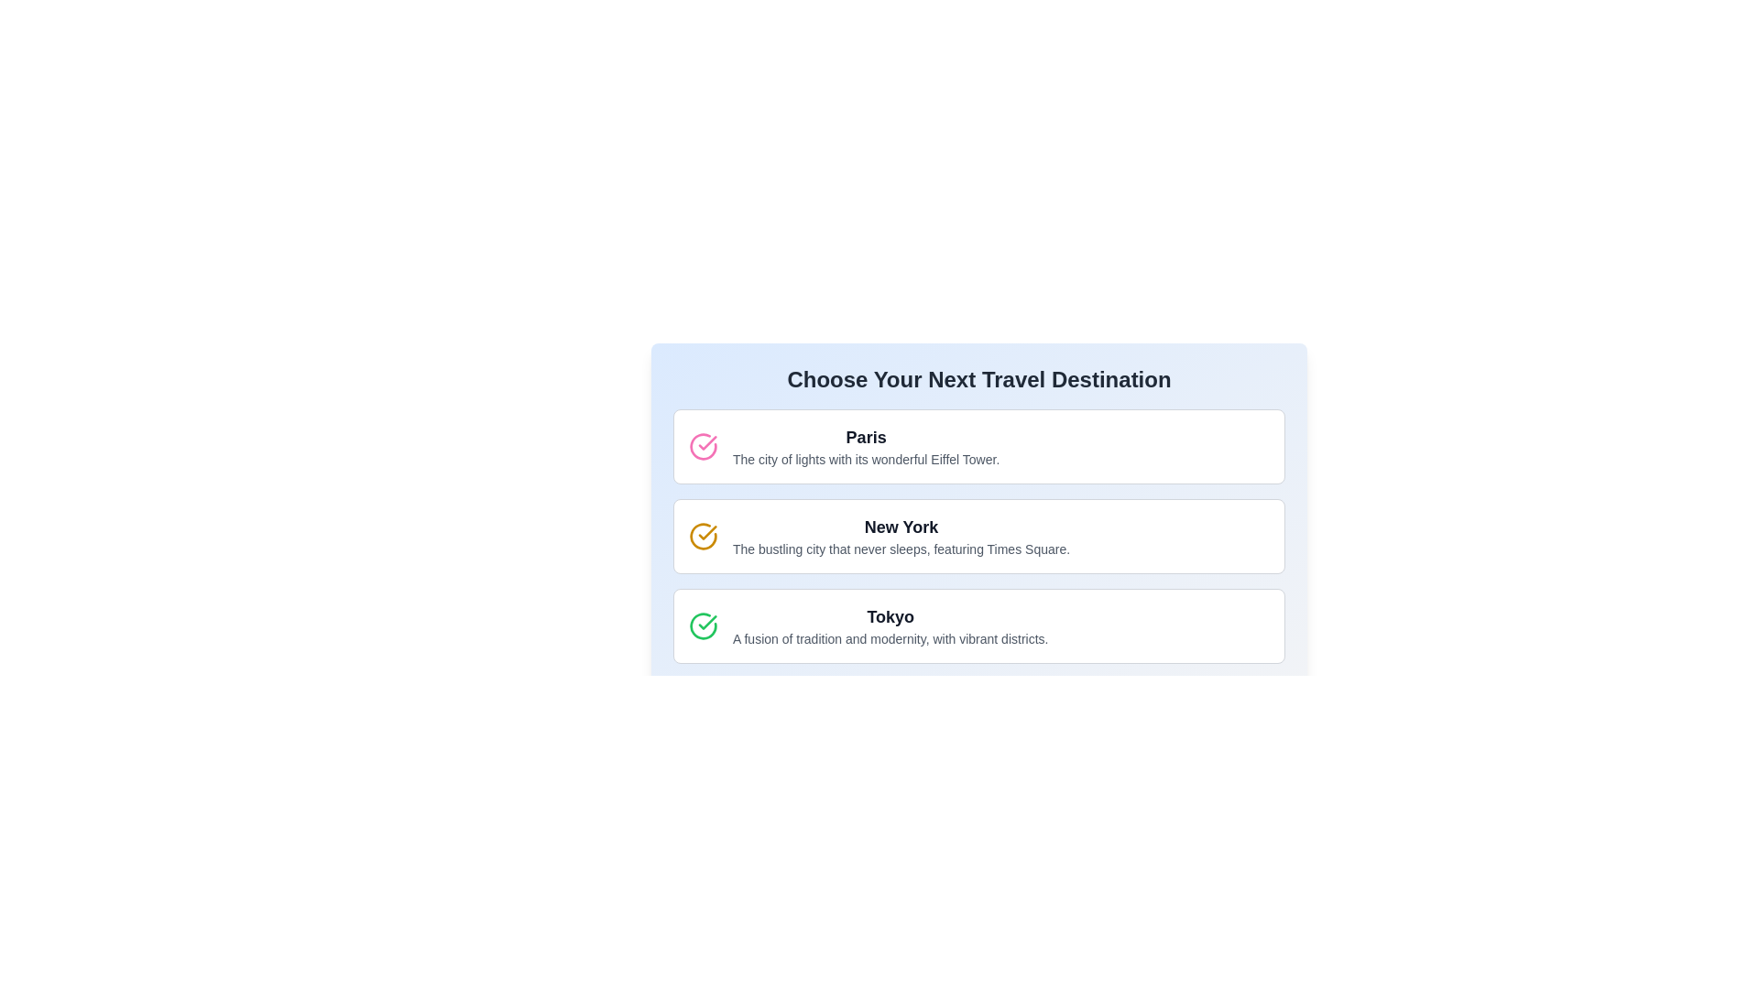  What do you see at coordinates (706, 621) in the screenshot?
I see `the circular selection icon for the destination 'Paris'` at bounding box center [706, 621].